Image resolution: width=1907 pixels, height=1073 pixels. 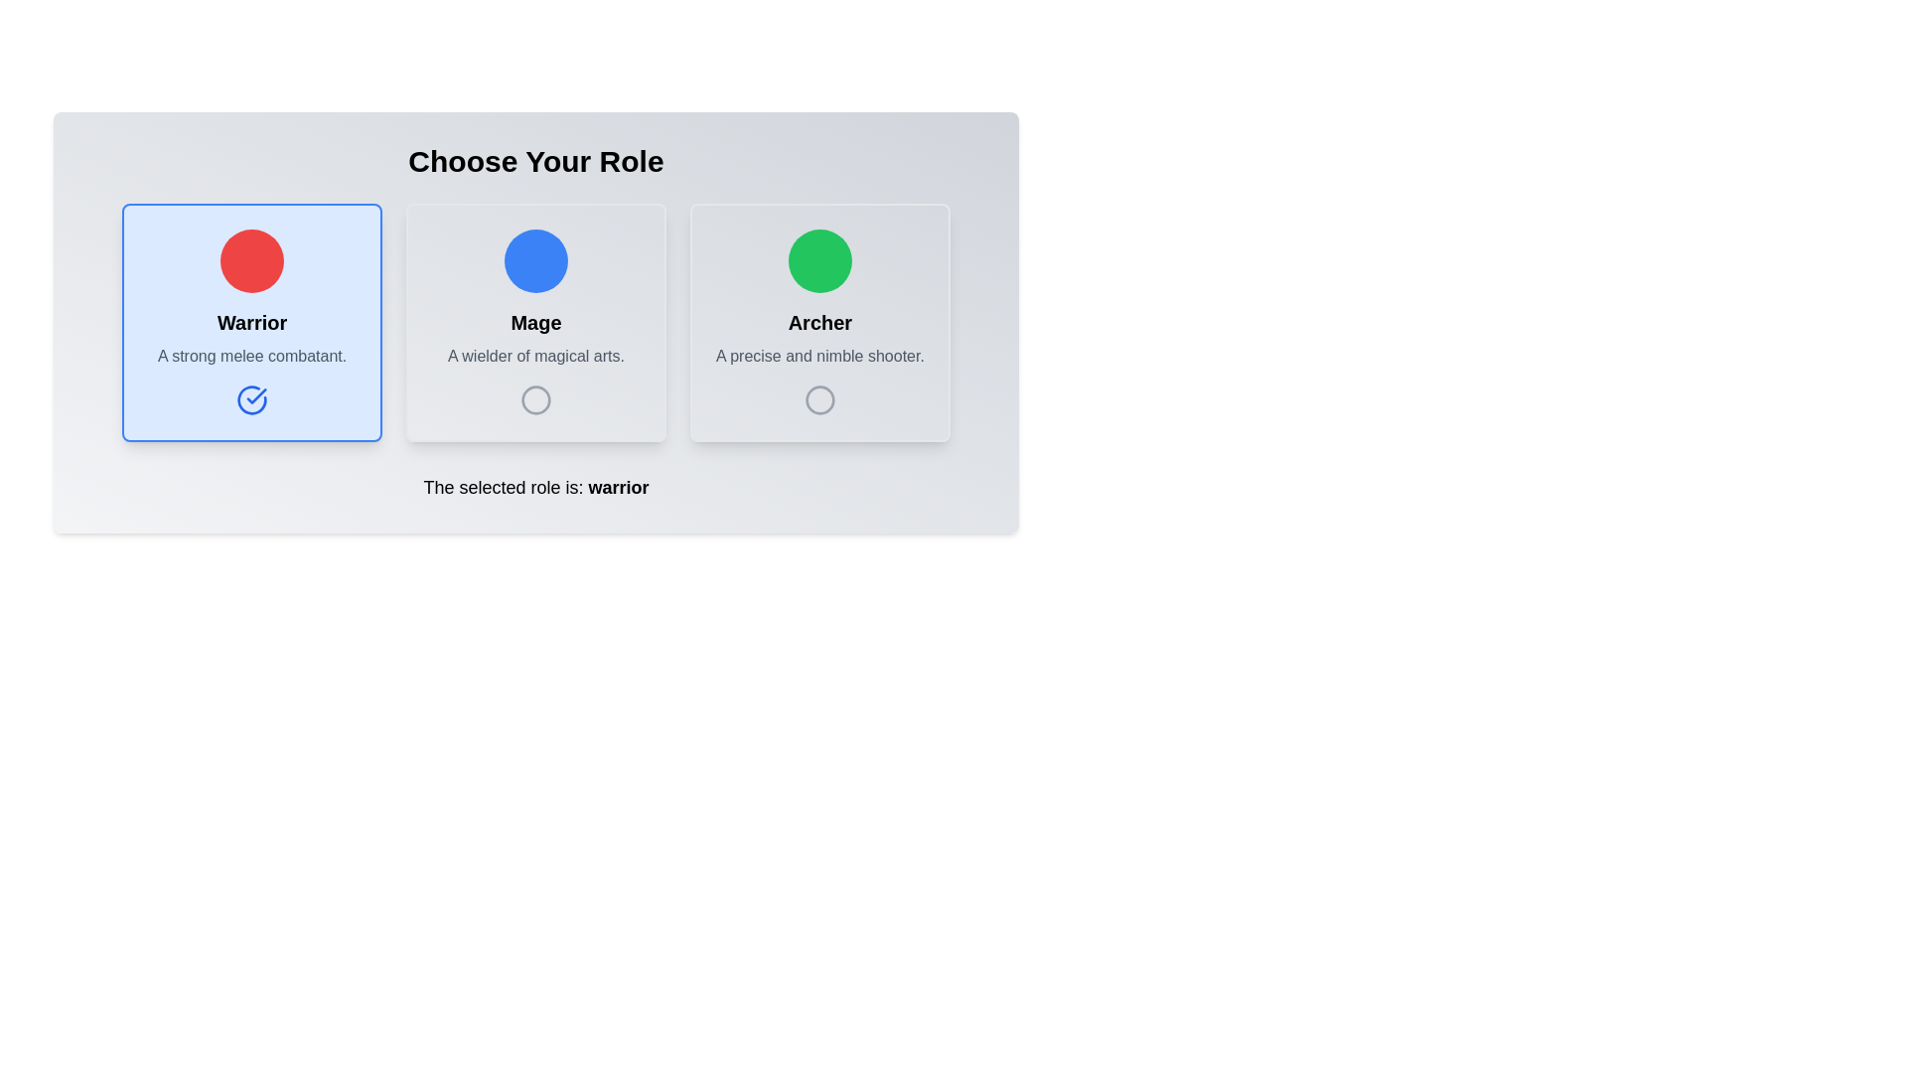 What do you see at coordinates (819, 399) in the screenshot?
I see `the unselected circular radio button icon located under the 'Archer' section in the 'Choose Your Role' interface to trigger hover effects` at bounding box center [819, 399].